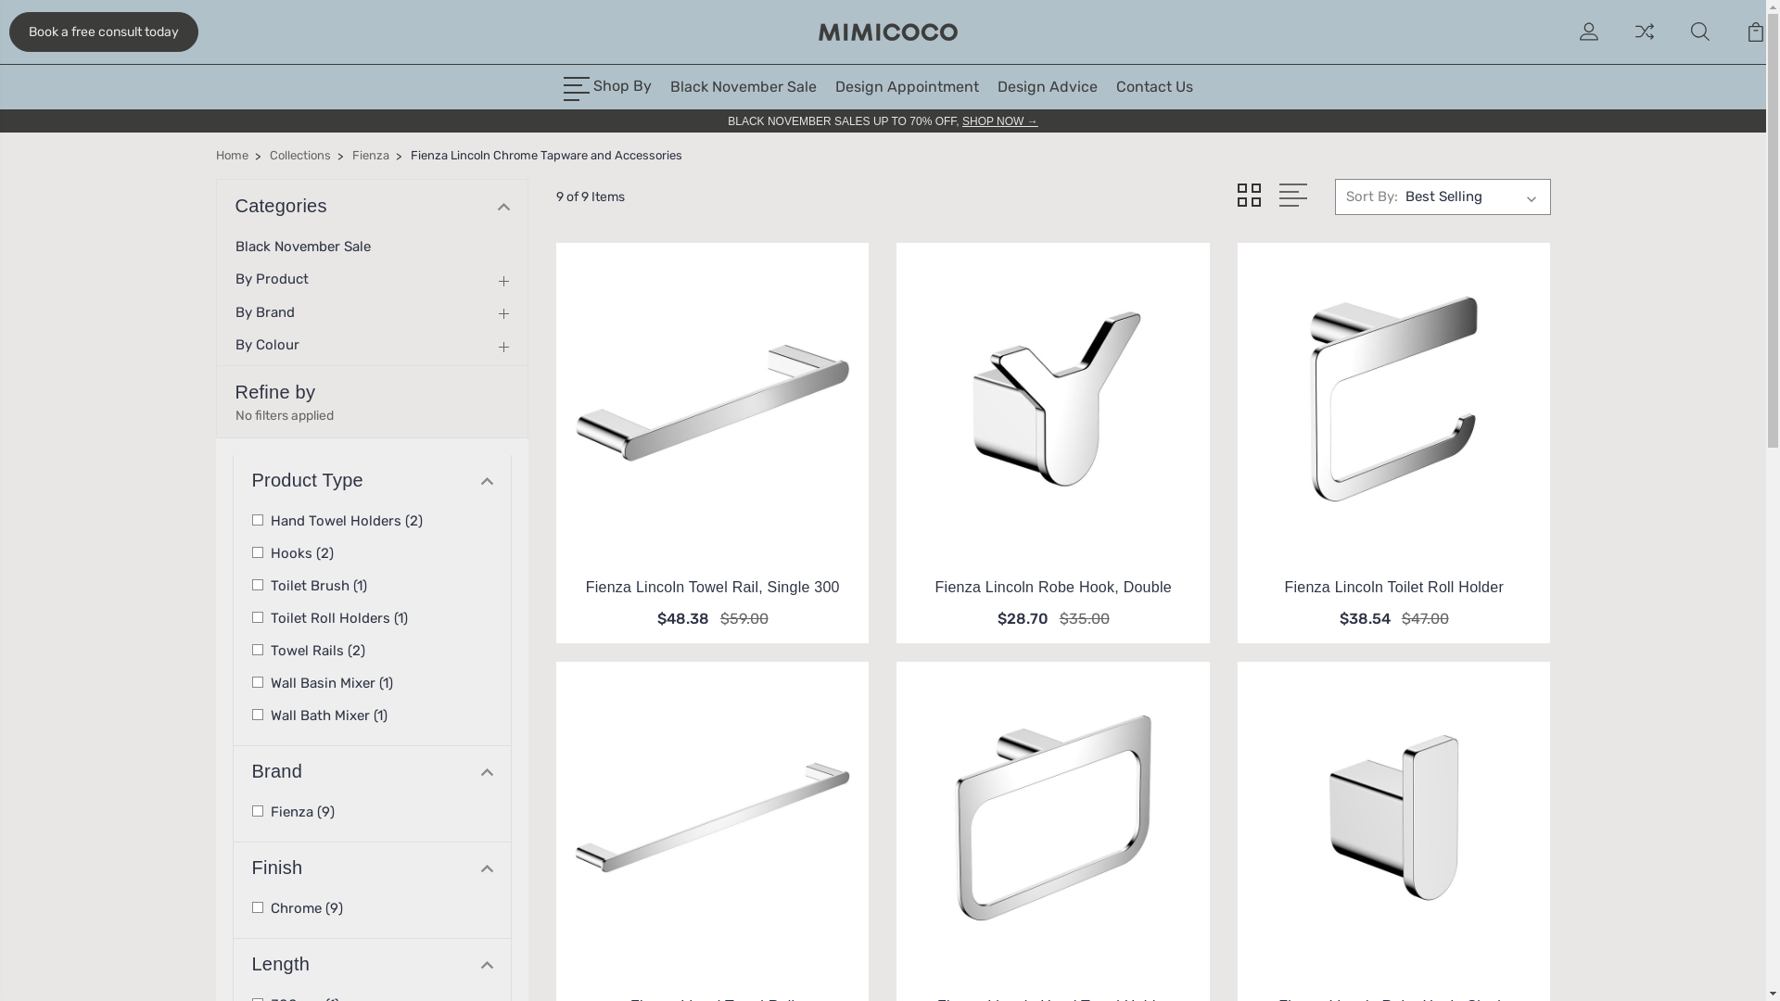 The image size is (1780, 1001). Describe the element at coordinates (370, 154) in the screenshot. I see `'Fienza'` at that location.